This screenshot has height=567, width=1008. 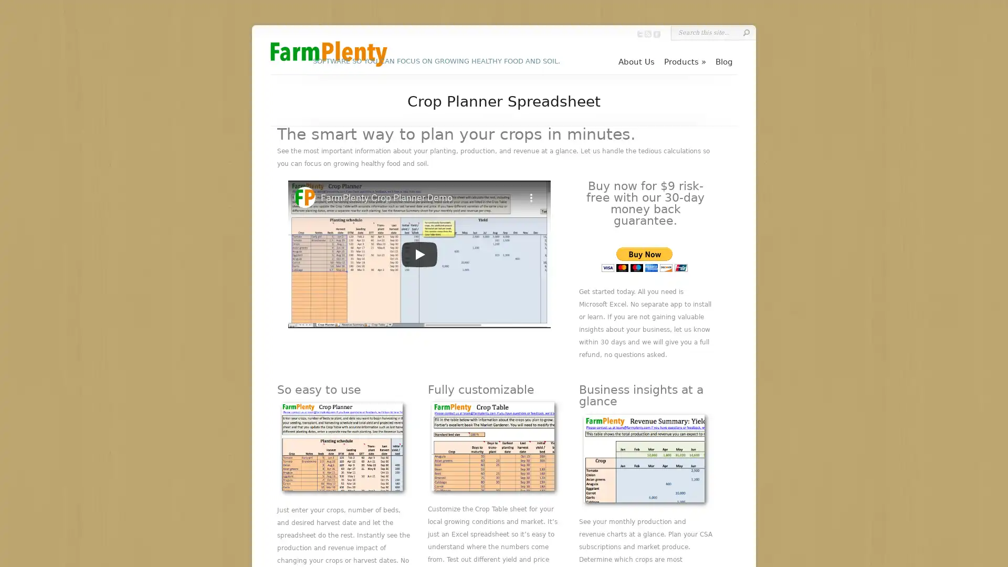 I want to click on PayPal - The safer, easier way to pay online!, so click(x=643, y=259).